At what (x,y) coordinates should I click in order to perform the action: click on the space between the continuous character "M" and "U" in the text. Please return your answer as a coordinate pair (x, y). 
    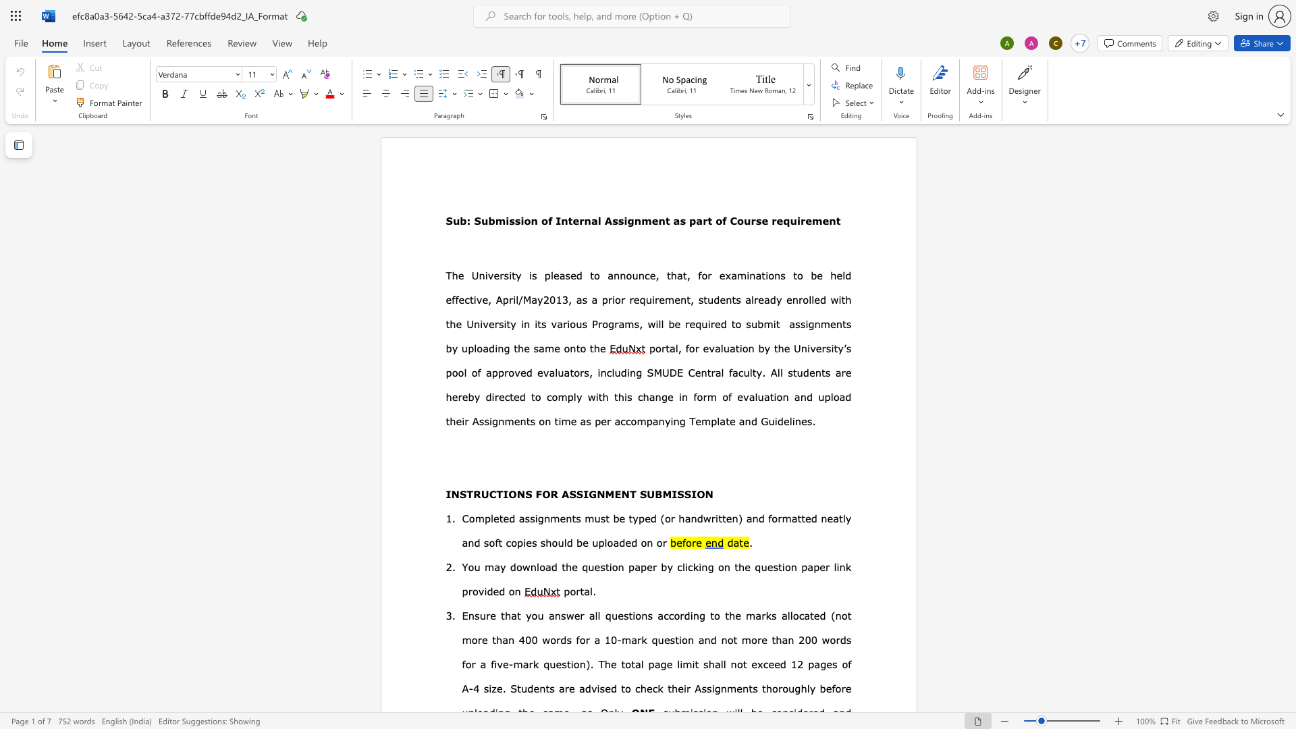
    Looking at the image, I should click on (661, 372).